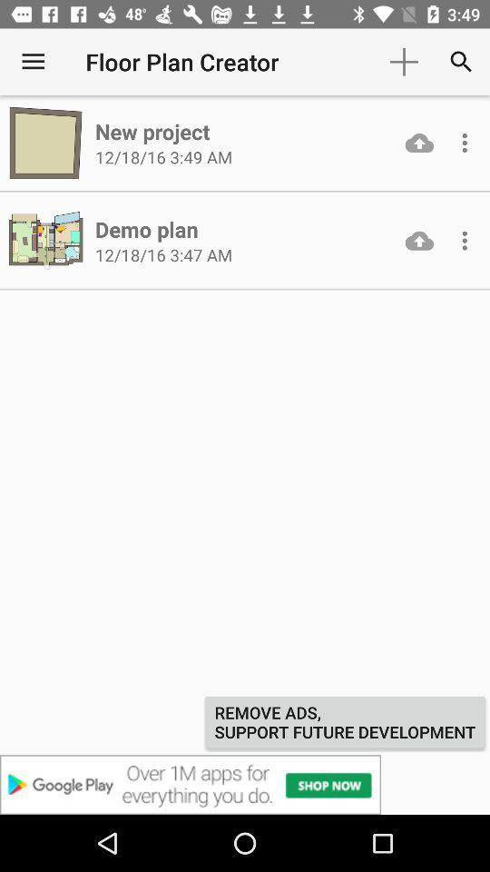  I want to click on download, so click(419, 240).